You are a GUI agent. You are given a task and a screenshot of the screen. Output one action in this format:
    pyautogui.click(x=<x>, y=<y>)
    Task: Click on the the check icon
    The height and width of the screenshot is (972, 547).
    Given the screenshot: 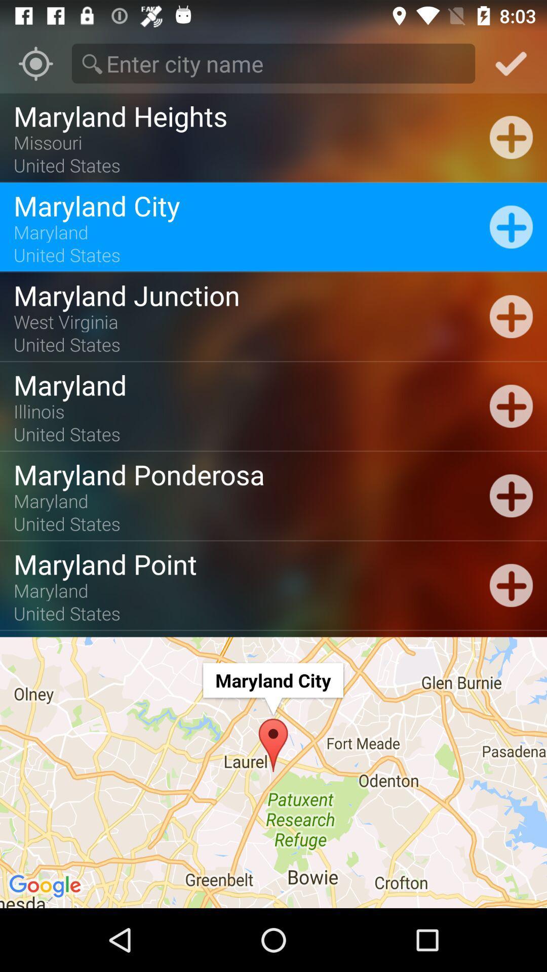 What is the action you would take?
    pyautogui.click(x=511, y=63)
    